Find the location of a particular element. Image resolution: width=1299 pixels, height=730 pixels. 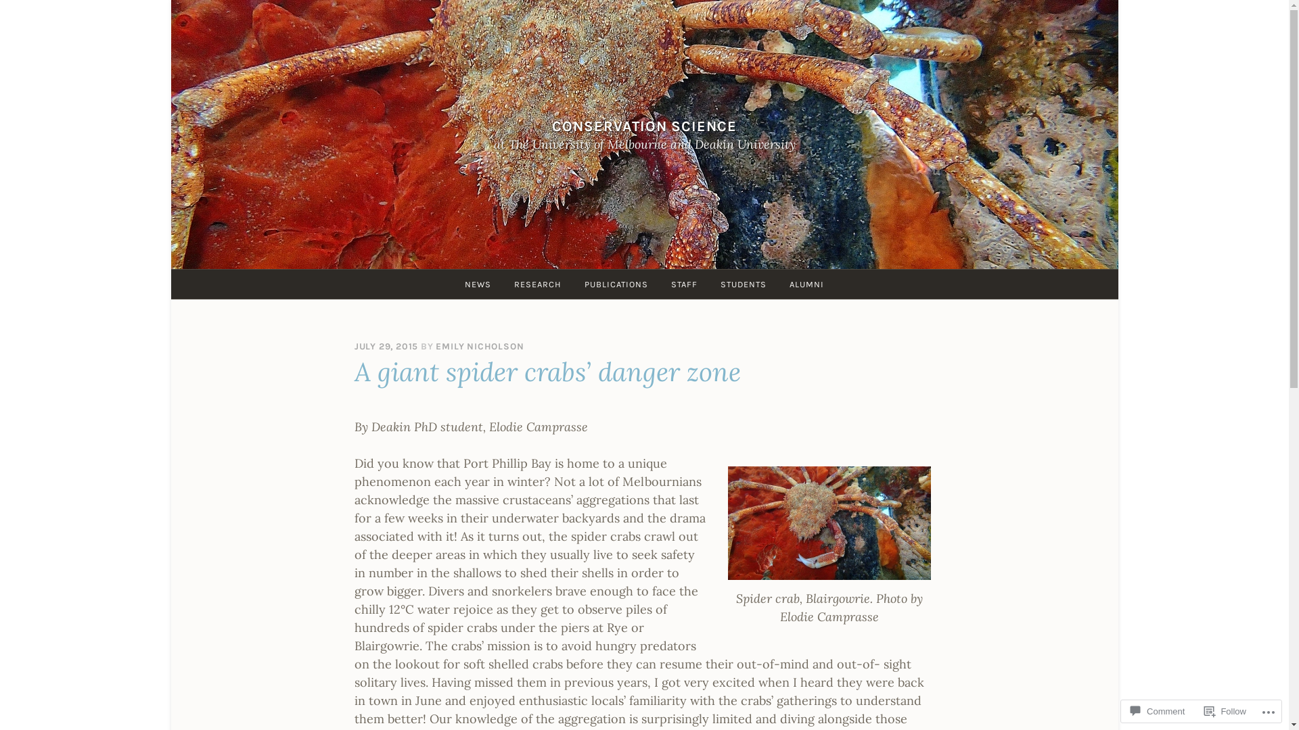

'EMILY NICHOLSON' is located at coordinates (480, 345).